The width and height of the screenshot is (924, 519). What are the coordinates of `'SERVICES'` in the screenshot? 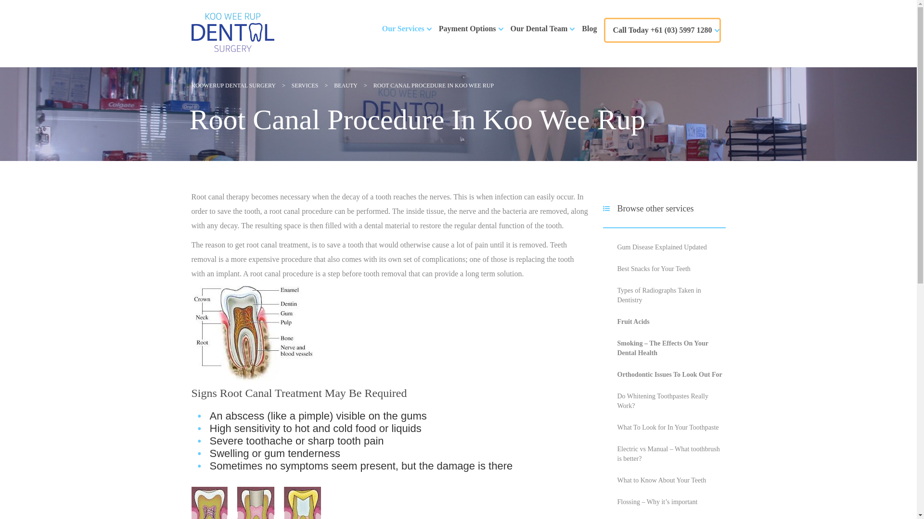 It's located at (304, 85).